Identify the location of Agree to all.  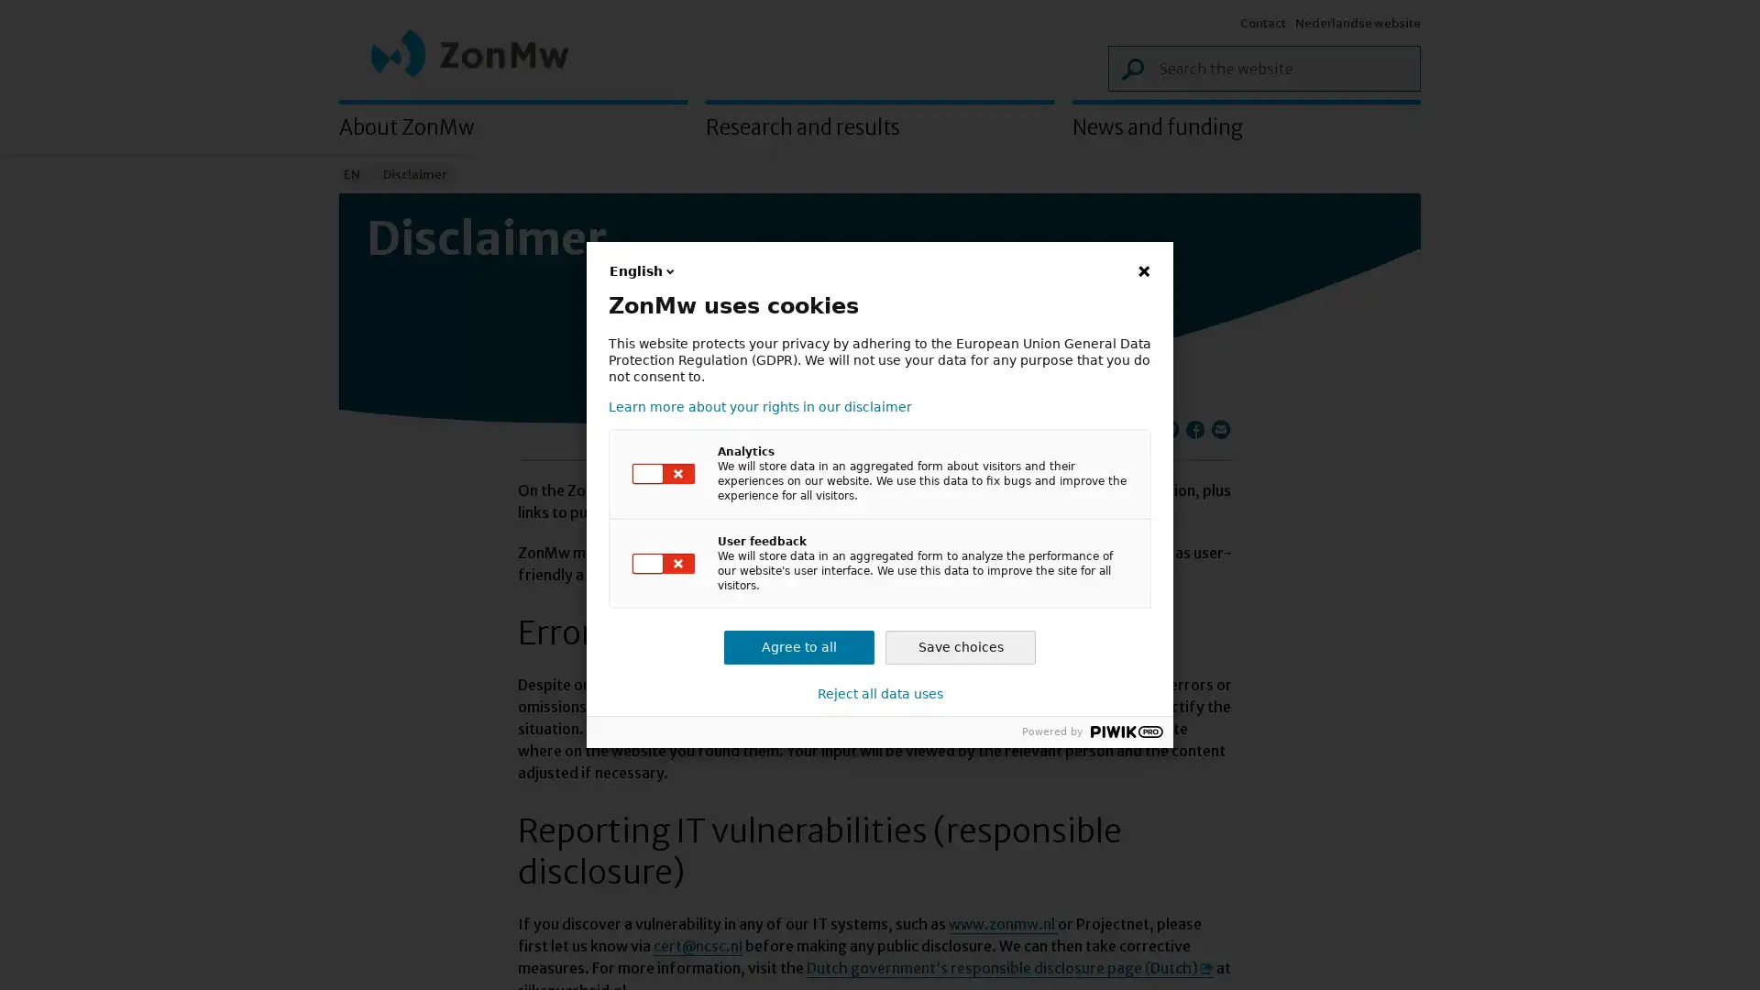
(799, 646).